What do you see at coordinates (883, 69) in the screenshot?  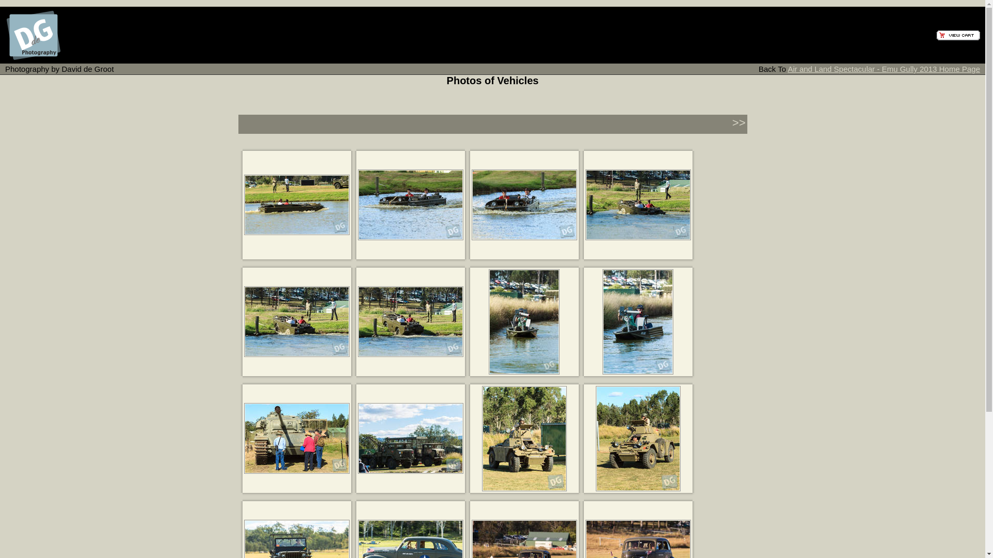 I see `'Air and Land Spectacular - Emu Gully 2013 Home Page'` at bounding box center [883, 69].